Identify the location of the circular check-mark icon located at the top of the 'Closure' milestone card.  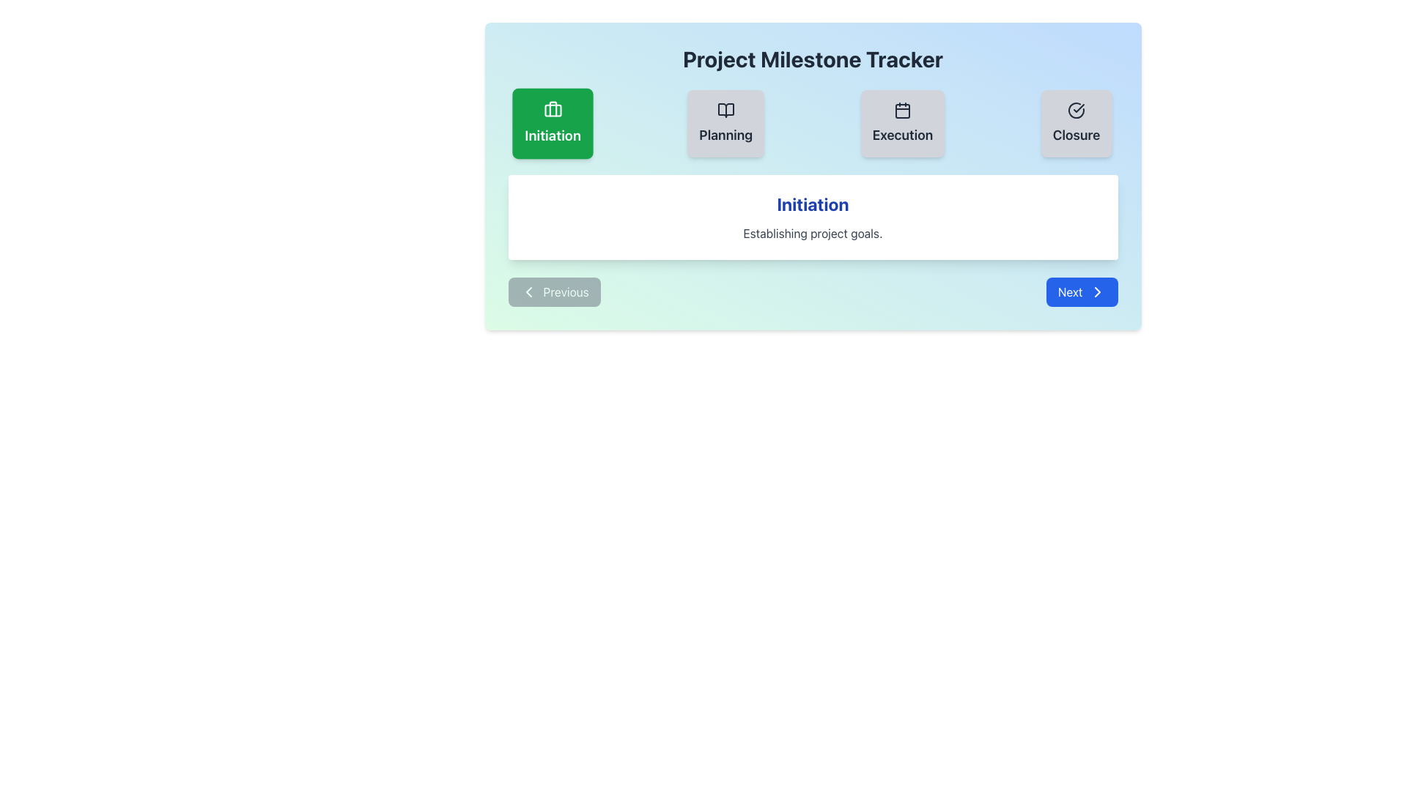
(1077, 109).